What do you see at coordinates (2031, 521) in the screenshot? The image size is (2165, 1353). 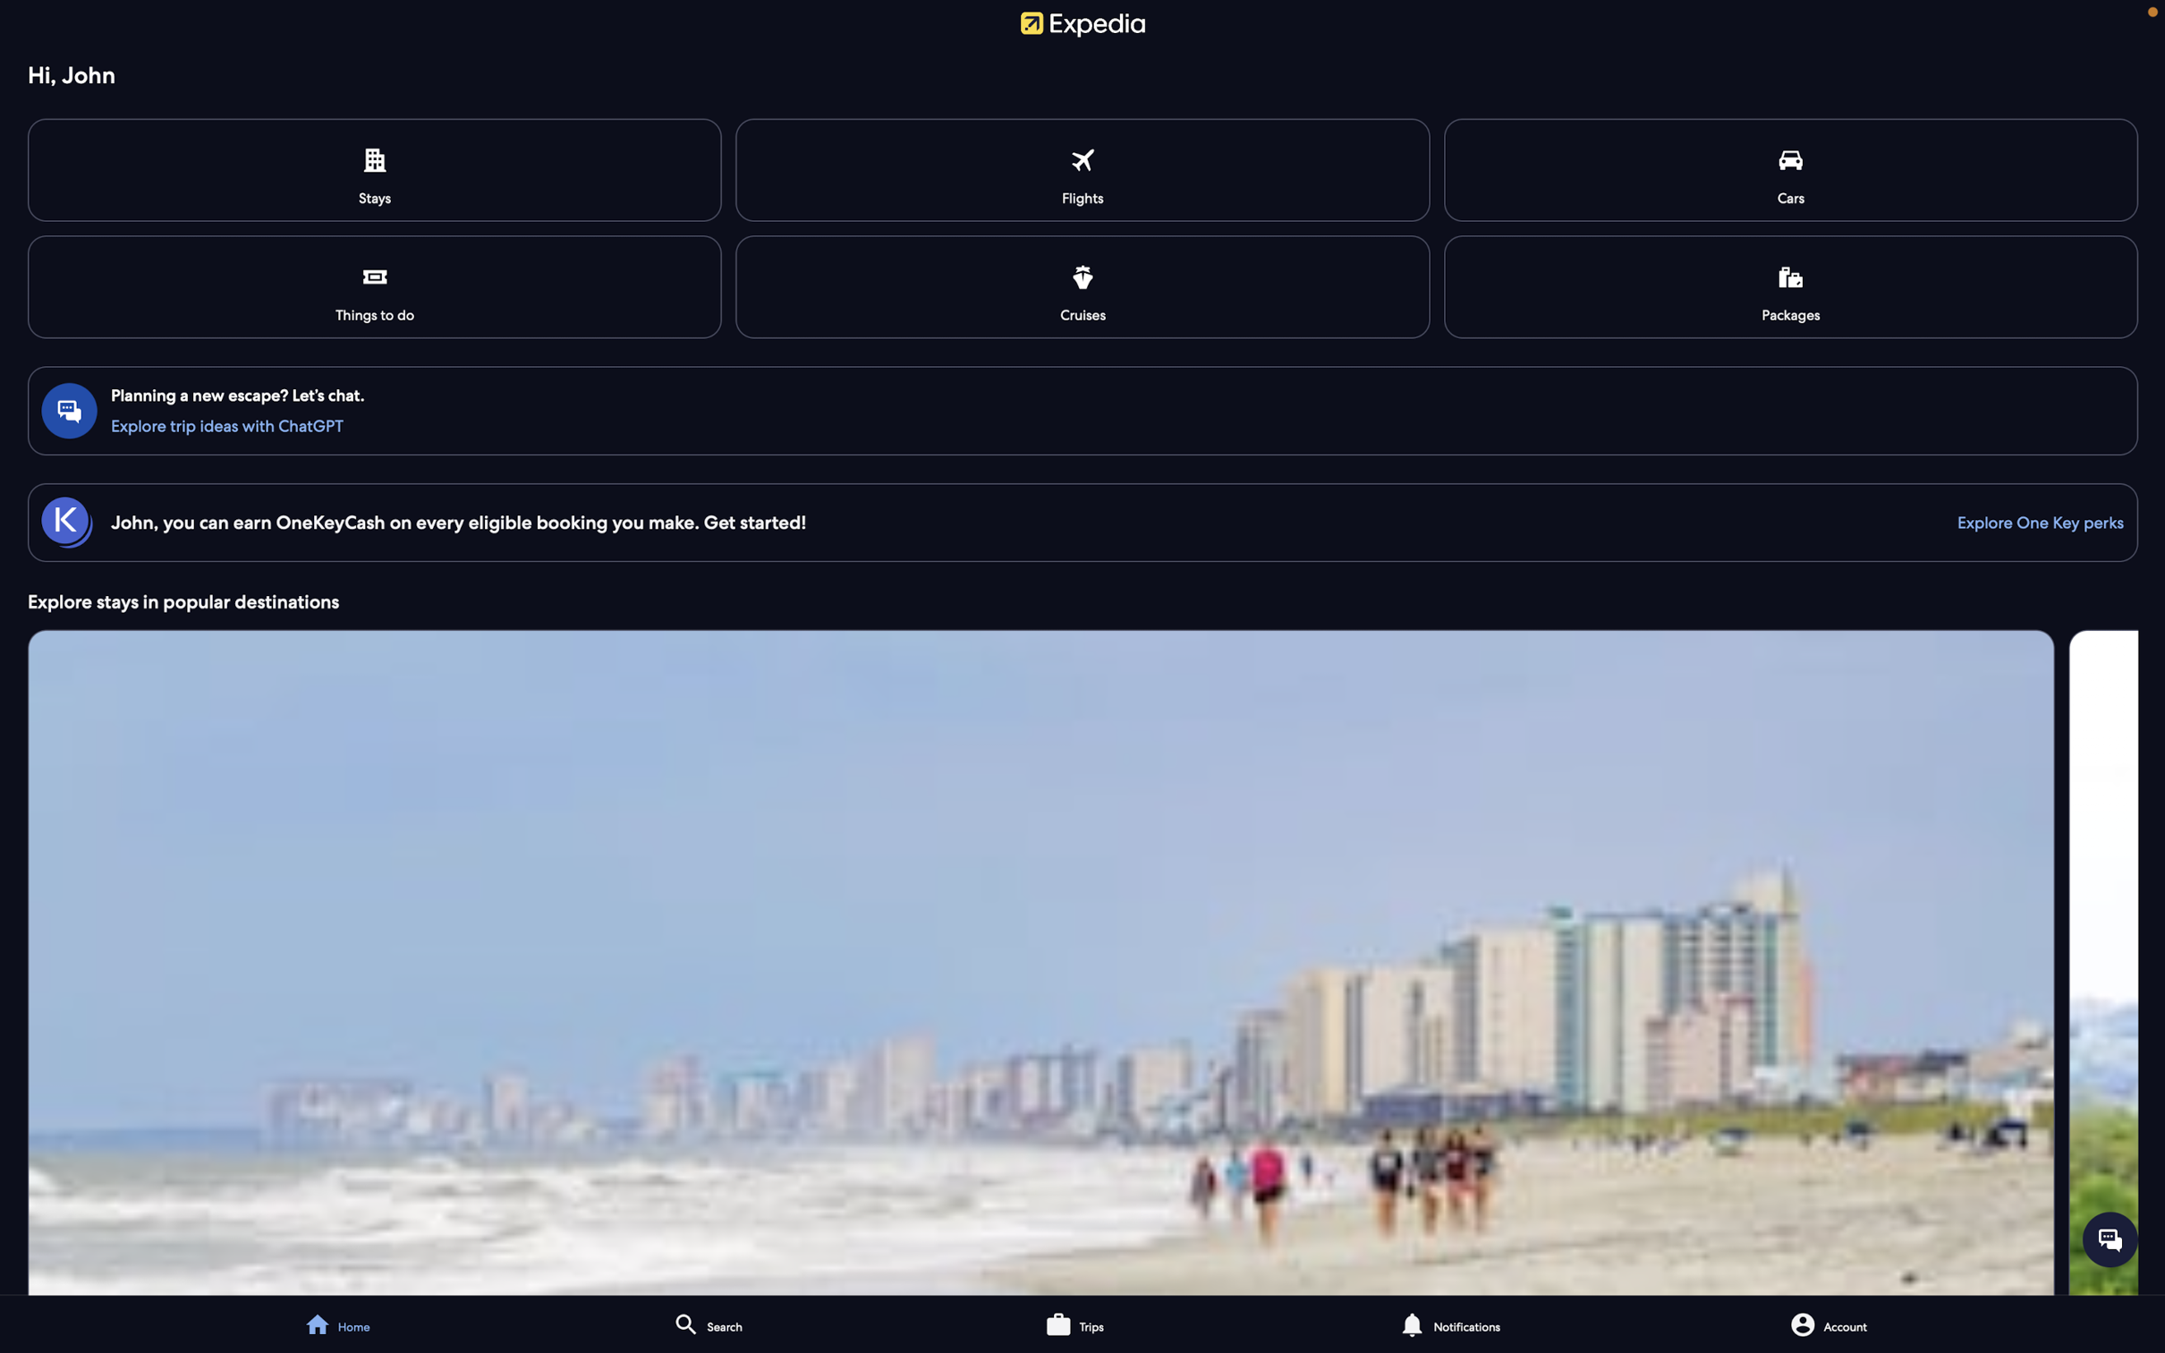 I see `Activate the One Key Cash option` at bounding box center [2031, 521].